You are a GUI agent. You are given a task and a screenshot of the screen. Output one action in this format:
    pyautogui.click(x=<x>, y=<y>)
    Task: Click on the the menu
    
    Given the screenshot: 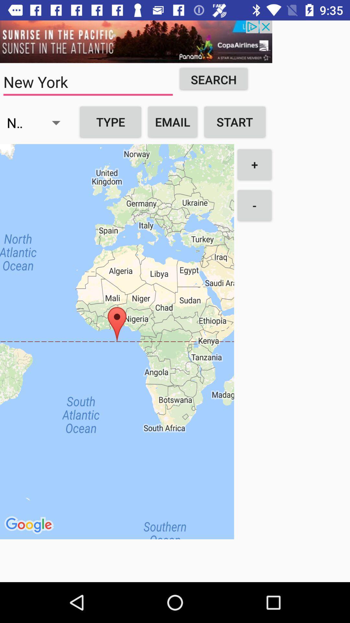 What is the action you would take?
    pyautogui.click(x=136, y=41)
    